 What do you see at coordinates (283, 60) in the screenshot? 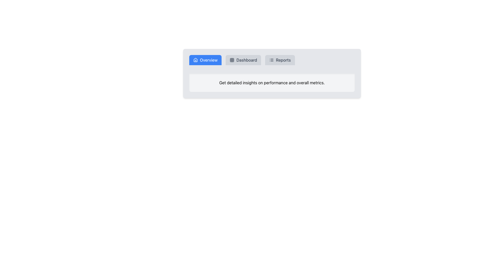
I see `the 'Reports' text label in the navigation bar, which is the last item indicating navigation to reports or related data` at bounding box center [283, 60].